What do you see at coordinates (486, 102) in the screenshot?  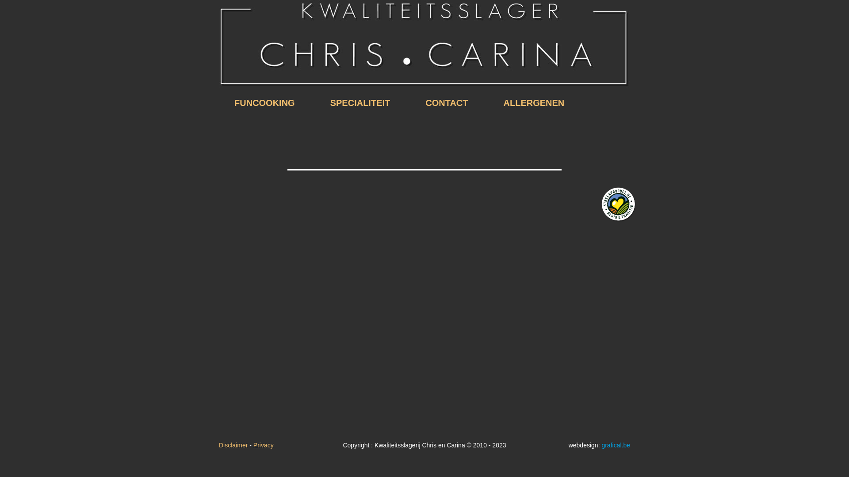 I see `'ALLERGENEN'` at bounding box center [486, 102].